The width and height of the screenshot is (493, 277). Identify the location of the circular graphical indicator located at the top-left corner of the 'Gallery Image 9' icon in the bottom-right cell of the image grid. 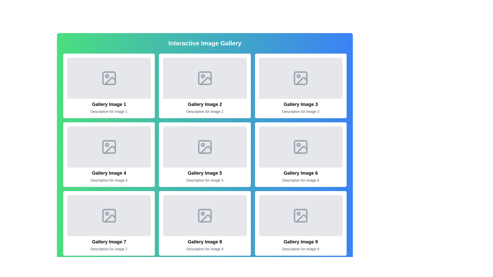
(299, 214).